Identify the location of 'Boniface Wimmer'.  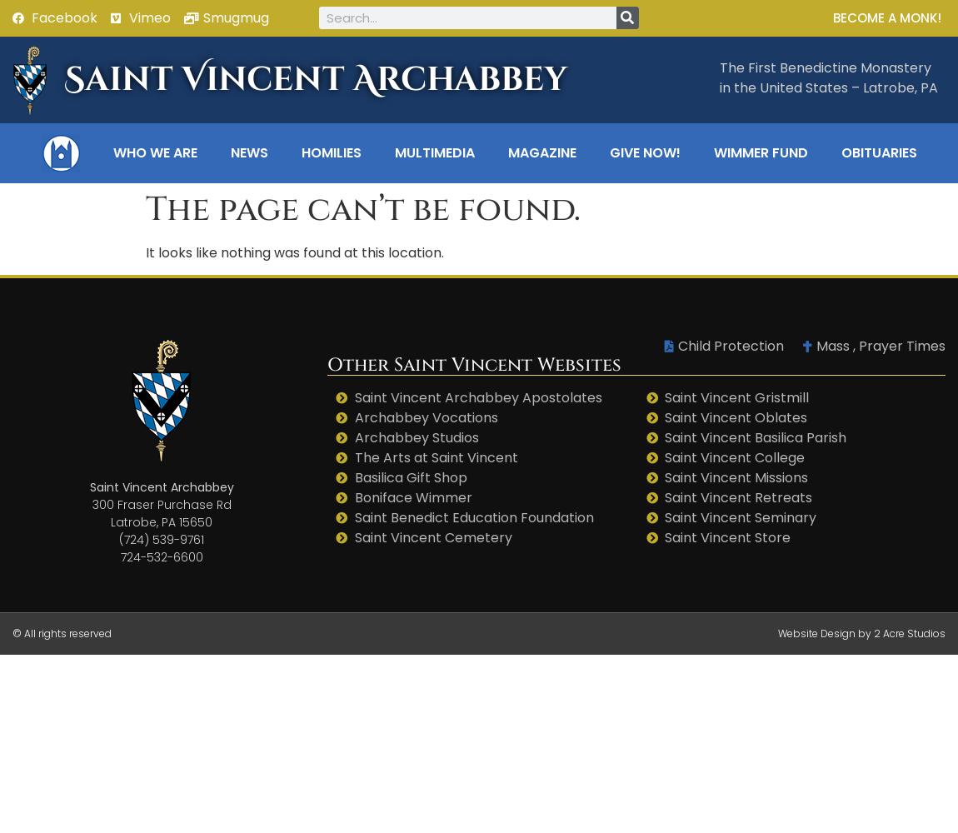
(412, 496).